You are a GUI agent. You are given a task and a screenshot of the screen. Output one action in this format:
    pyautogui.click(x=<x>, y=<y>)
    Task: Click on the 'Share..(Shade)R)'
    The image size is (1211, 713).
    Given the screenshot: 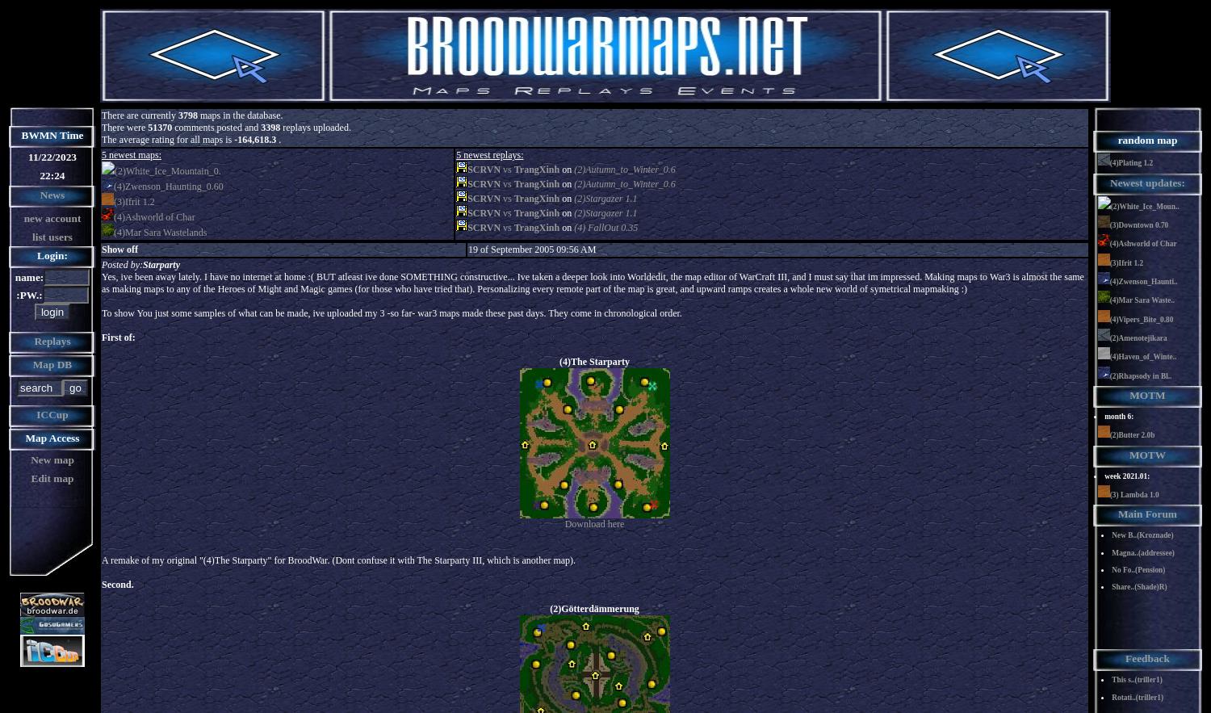 What is the action you would take?
    pyautogui.click(x=1139, y=585)
    